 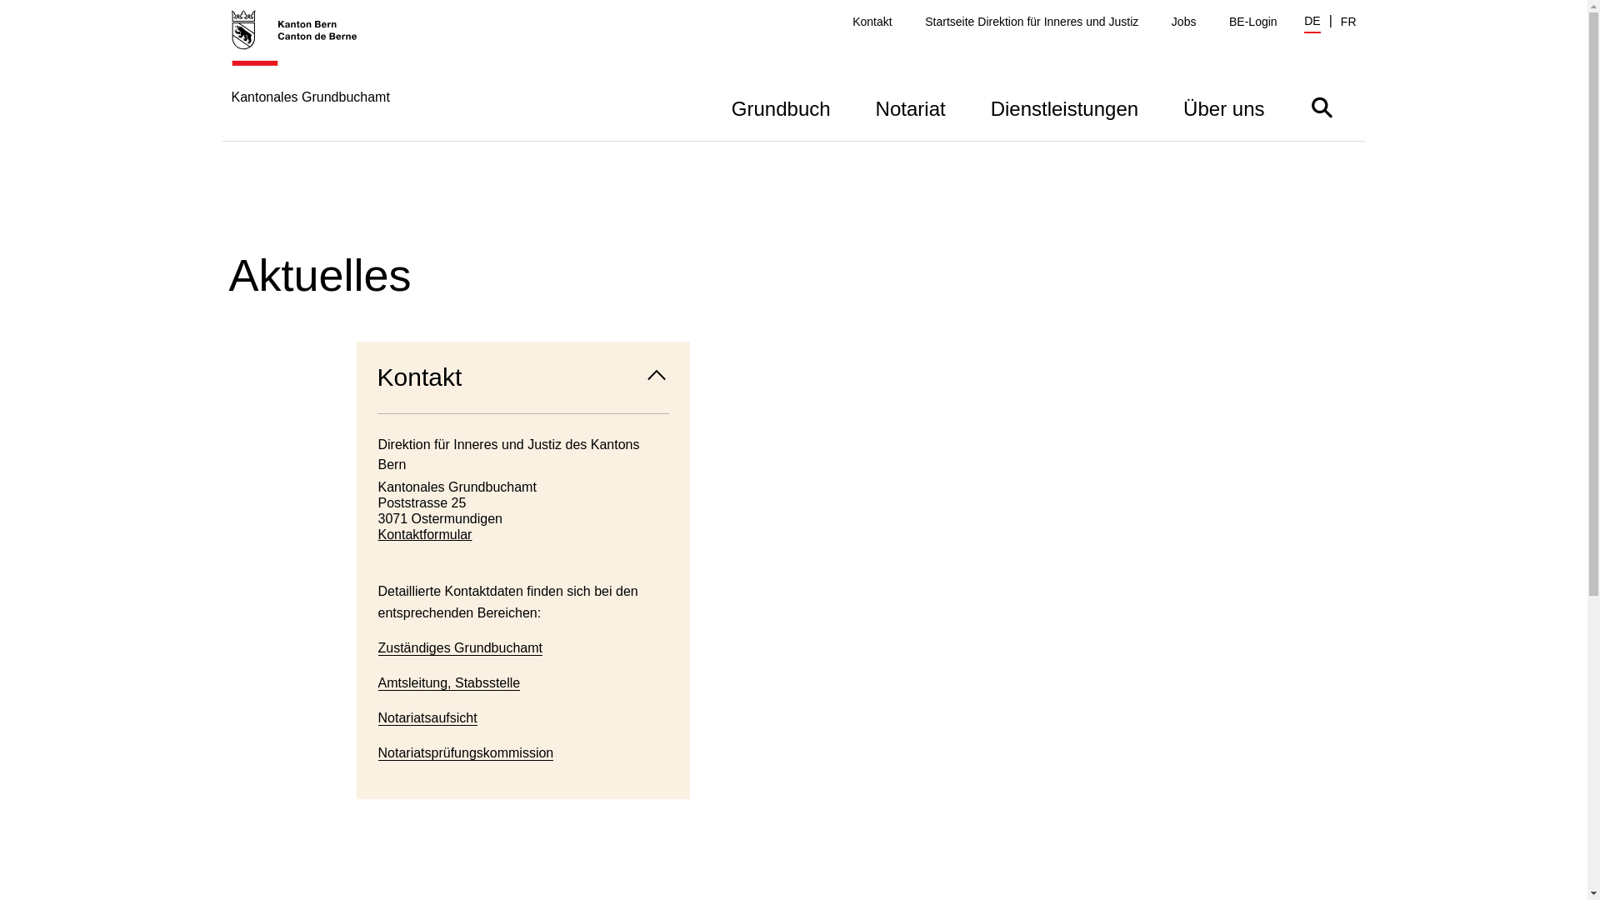 What do you see at coordinates (522, 377) in the screenshot?
I see `'Kontakt'` at bounding box center [522, 377].